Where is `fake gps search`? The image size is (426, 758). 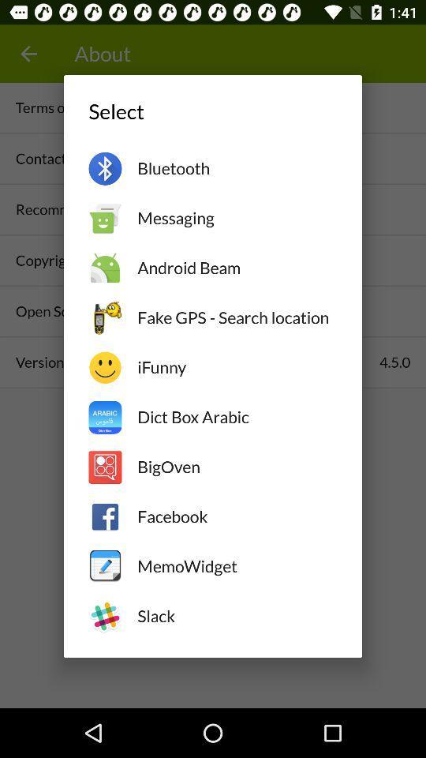
fake gps search is located at coordinates (236, 317).